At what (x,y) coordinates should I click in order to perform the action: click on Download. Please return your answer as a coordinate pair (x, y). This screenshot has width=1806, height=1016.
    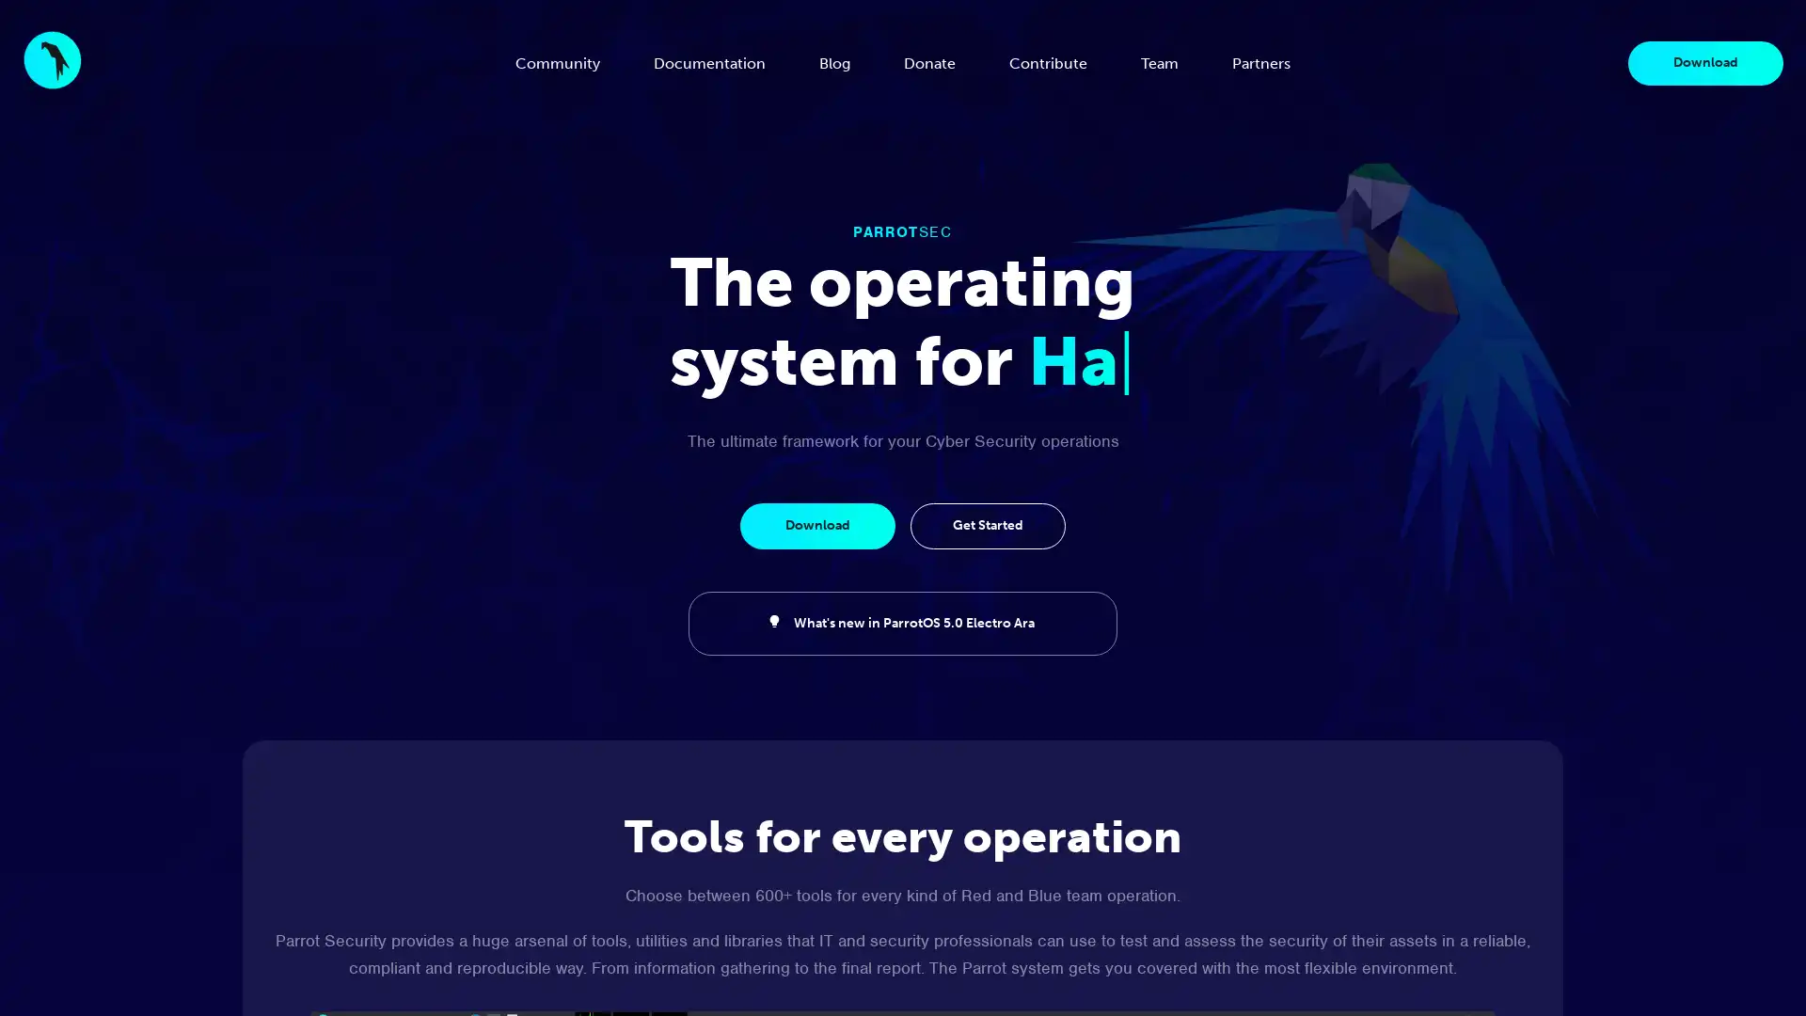
    Looking at the image, I should click on (817, 526).